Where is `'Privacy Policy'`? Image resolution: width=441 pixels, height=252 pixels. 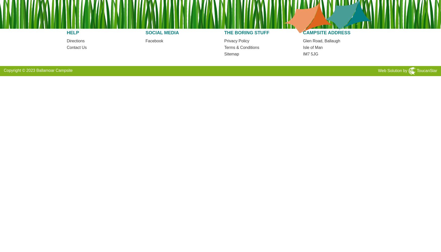
'Privacy Policy' is located at coordinates (224, 41).